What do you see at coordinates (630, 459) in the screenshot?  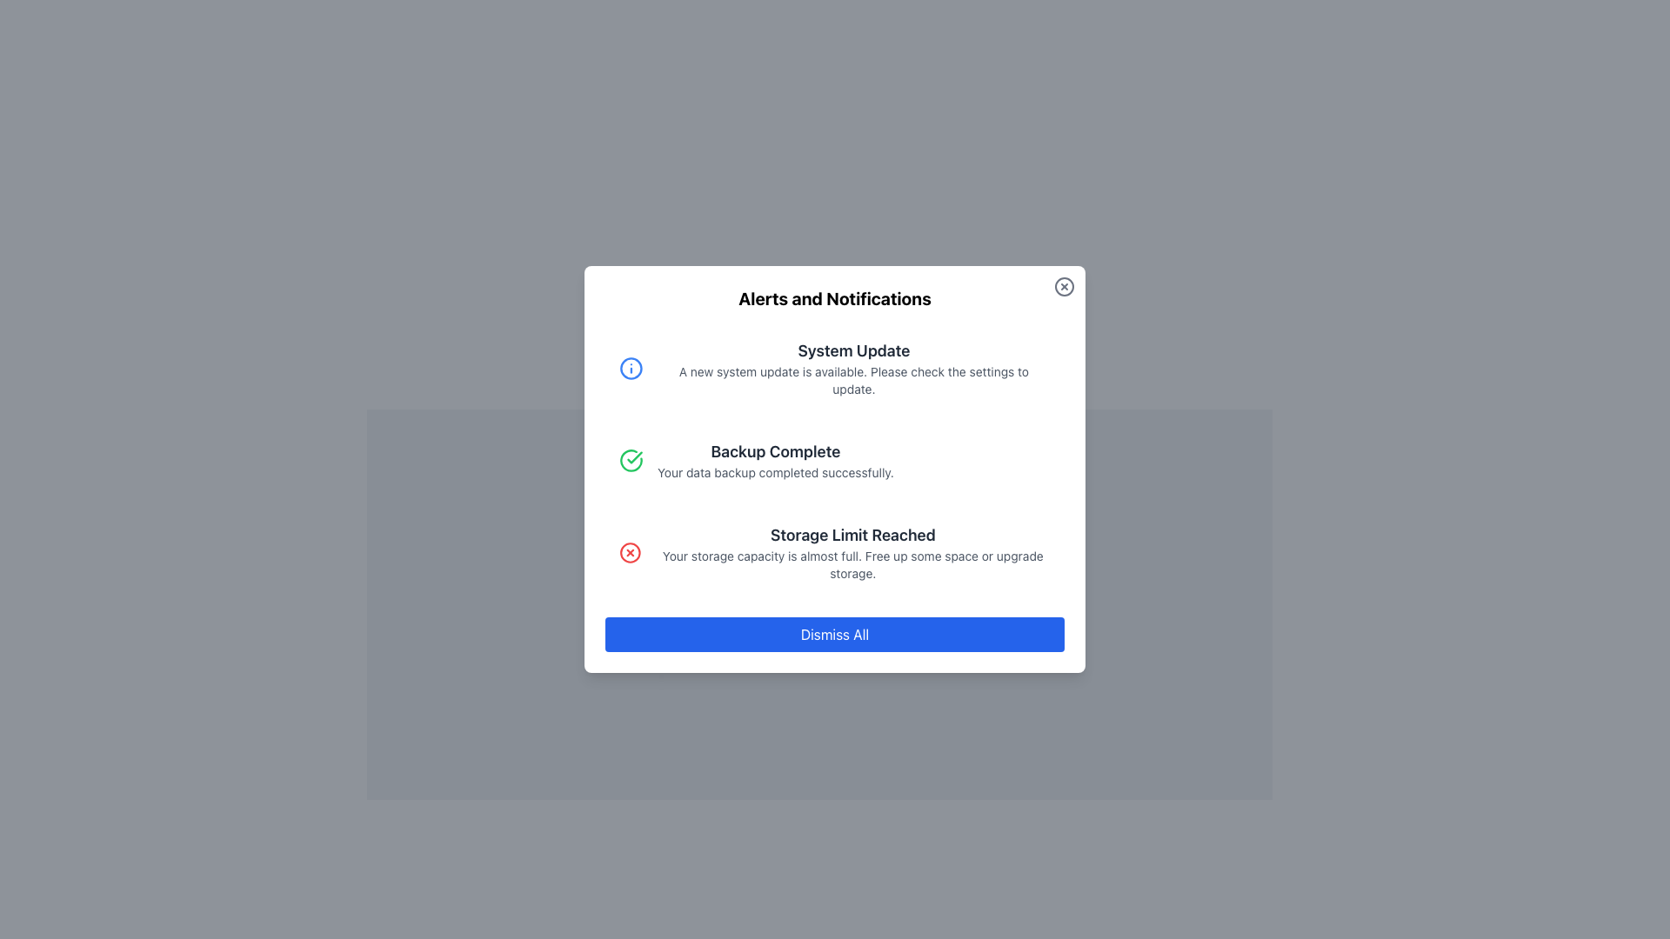 I see `the circular icon with a green border and a green checkmark inside, which indicates a successful action, located to the left of the 'Backup Complete' text in the second notification of the list` at bounding box center [630, 459].